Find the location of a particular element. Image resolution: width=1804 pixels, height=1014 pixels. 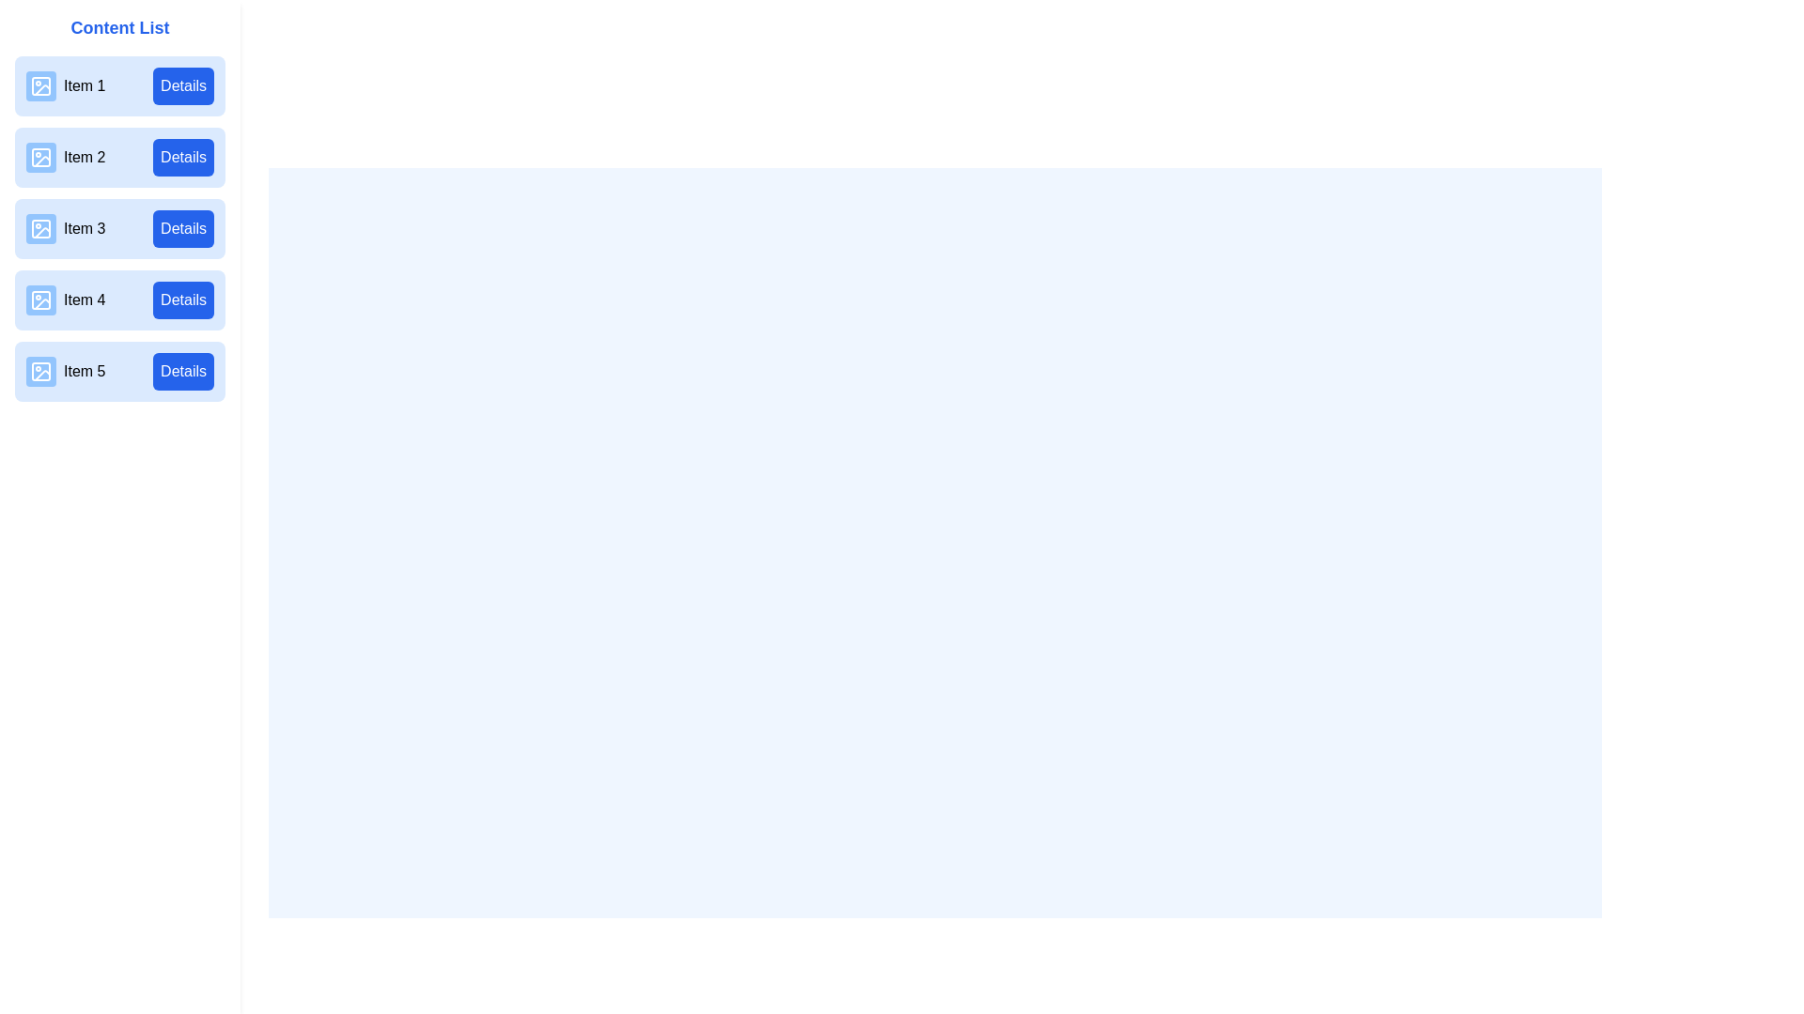

the icon indicating an image or item related to 'Item 1' in the 'Content List' sidebar is located at coordinates (40, 86).